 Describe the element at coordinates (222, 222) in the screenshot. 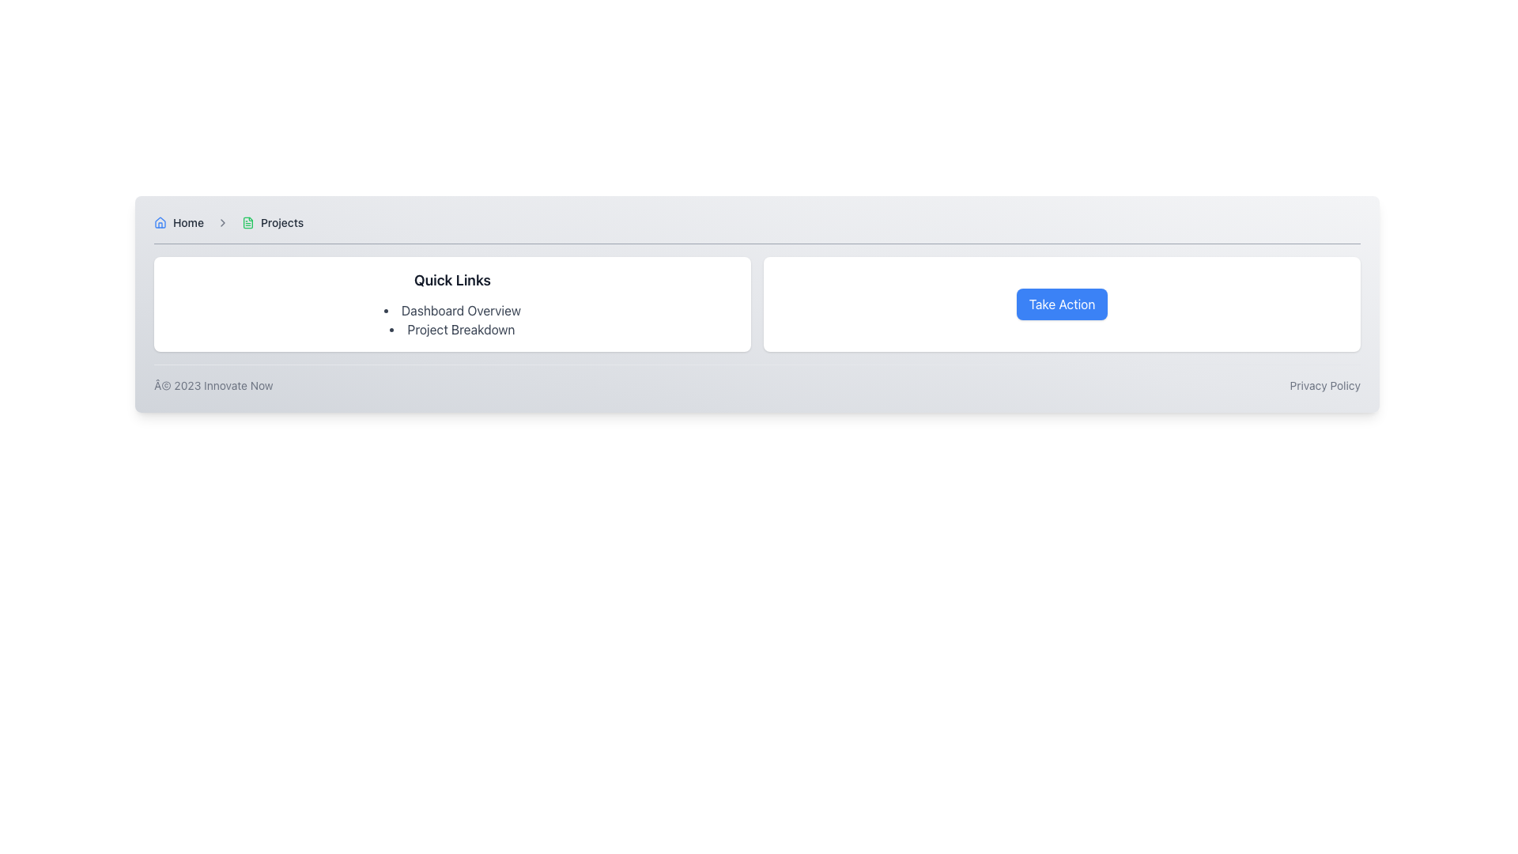

I see `the small, rightward-pointing chevron icon styled in gray, located in the navigation bar between the 'Home' and 'Projects' text elements` at that location.